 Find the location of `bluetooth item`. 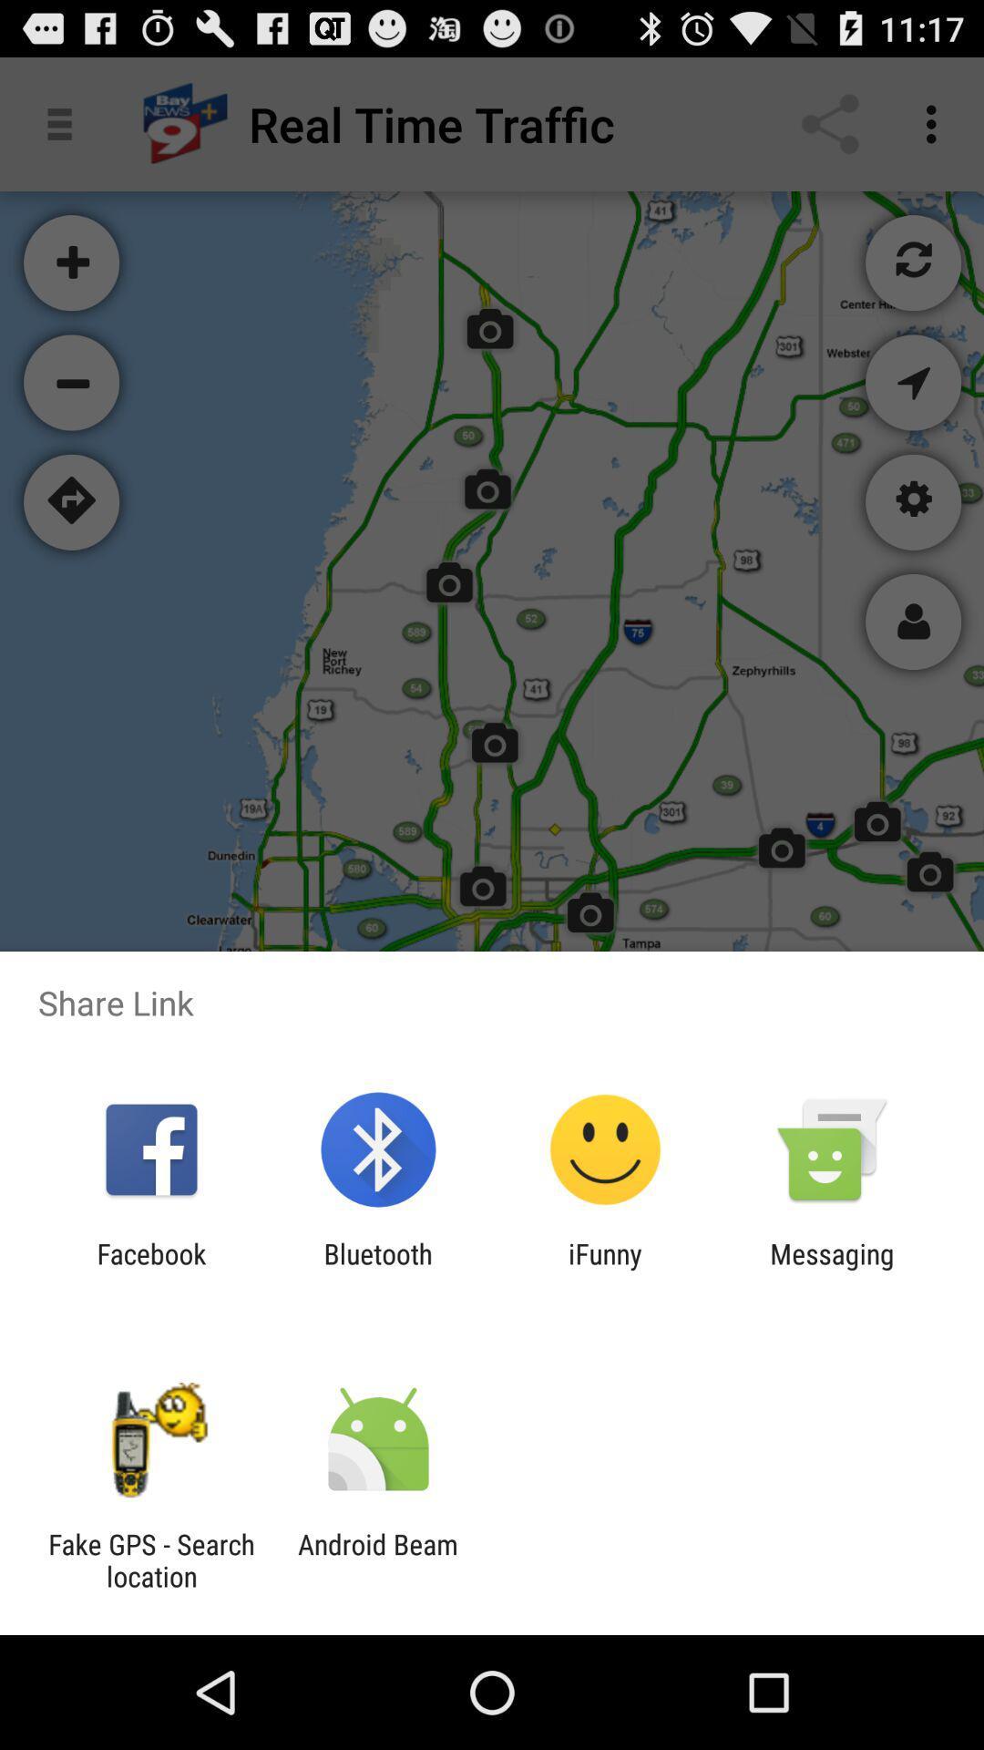

bluetooth item is located at coordinates (377, 1269).